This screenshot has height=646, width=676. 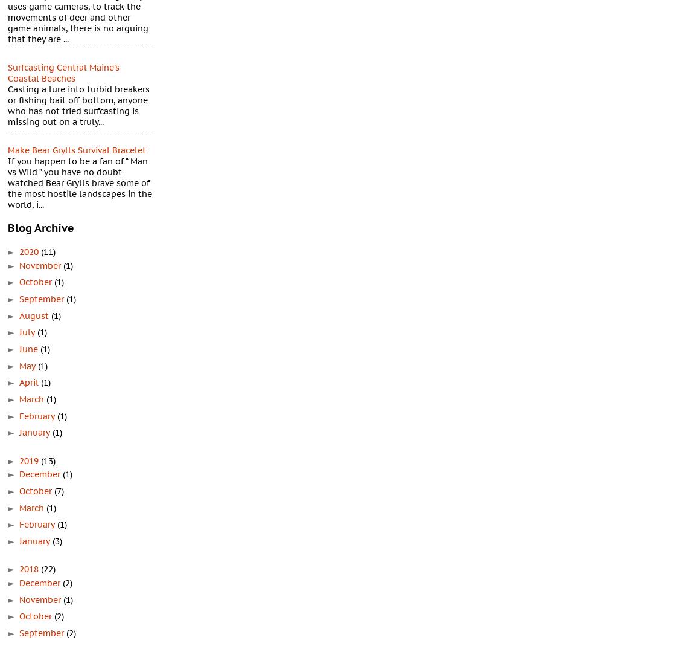 I want to click on '2018', so click(x=30, y=569).